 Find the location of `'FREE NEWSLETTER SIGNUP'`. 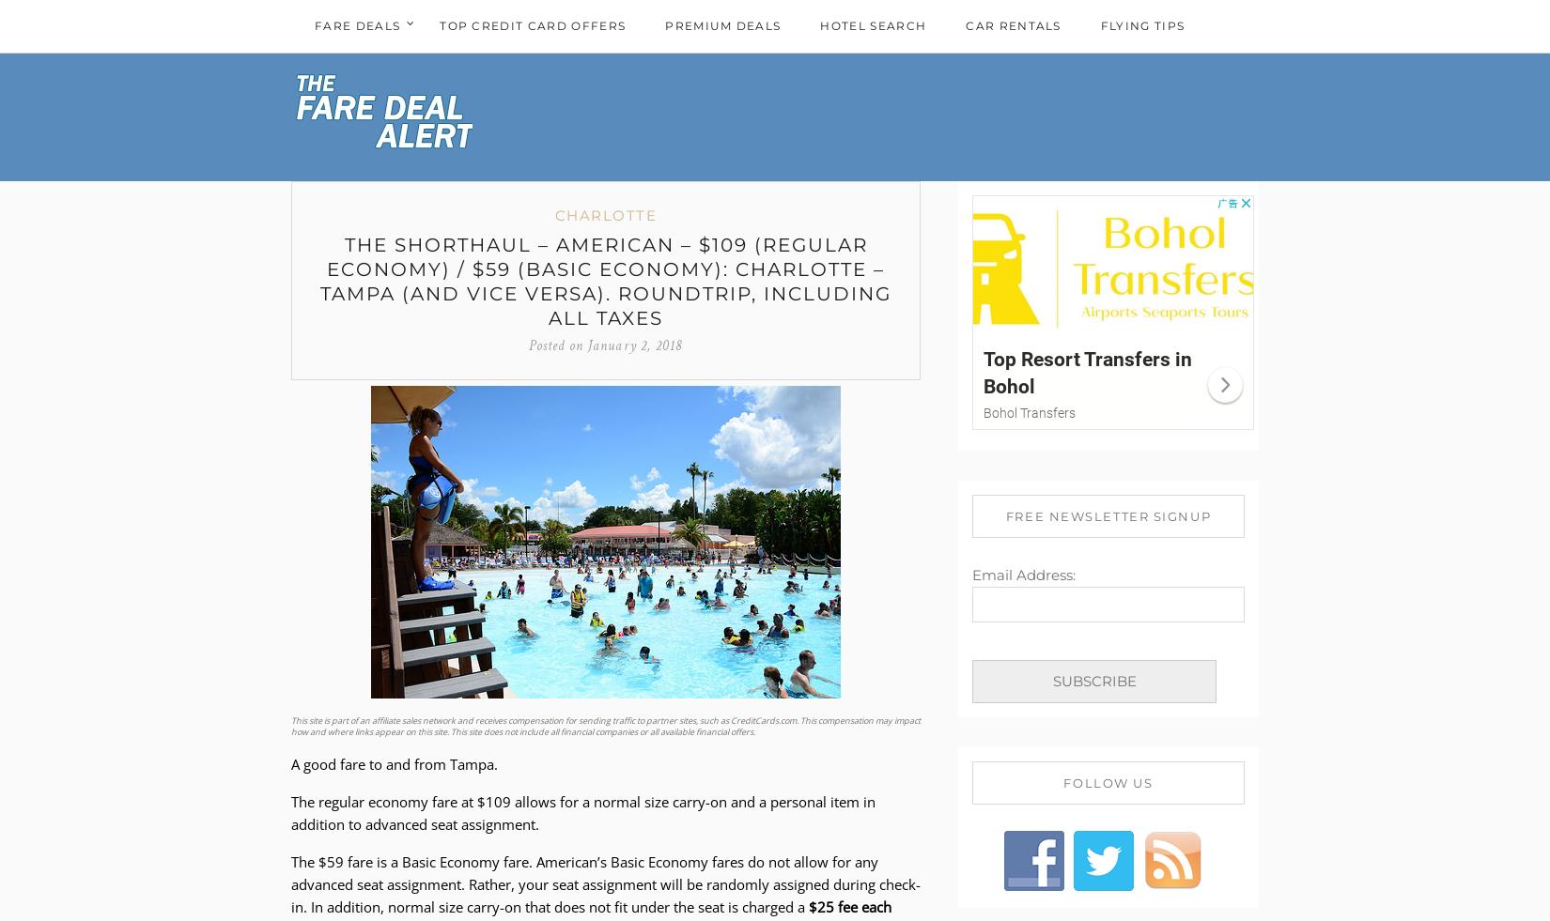

'FREE NEWSLETTER SIGNUP' is located at coordinates (1108, 514).